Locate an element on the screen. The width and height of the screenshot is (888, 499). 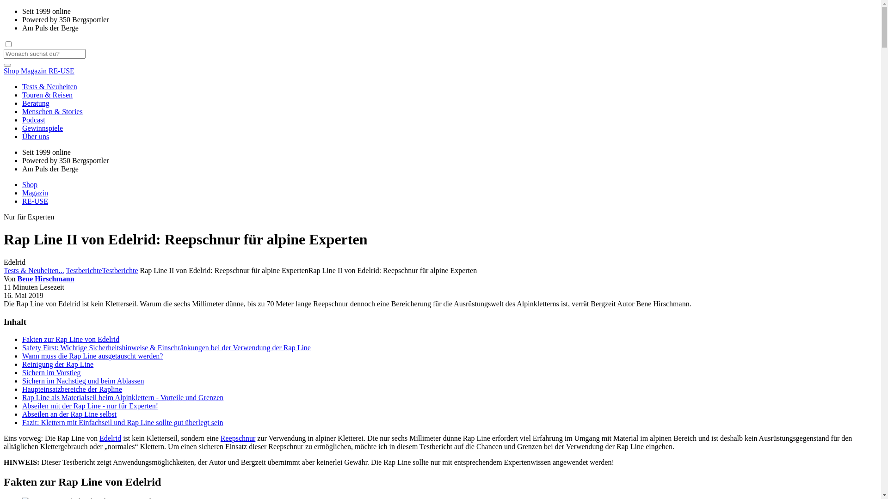
'Sichern im Nachstieg und beim Ablassen' is located at coordinates (83, 381).